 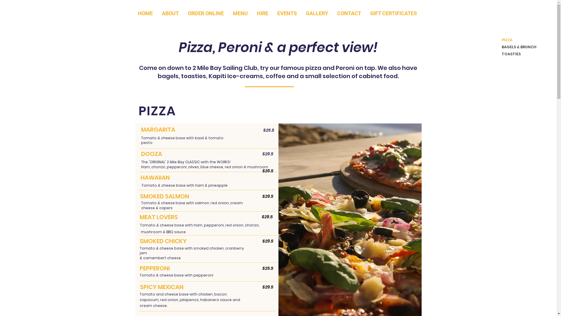 I want to click on 'GIFT CERTIFICATES', so click(x=394, y=13).